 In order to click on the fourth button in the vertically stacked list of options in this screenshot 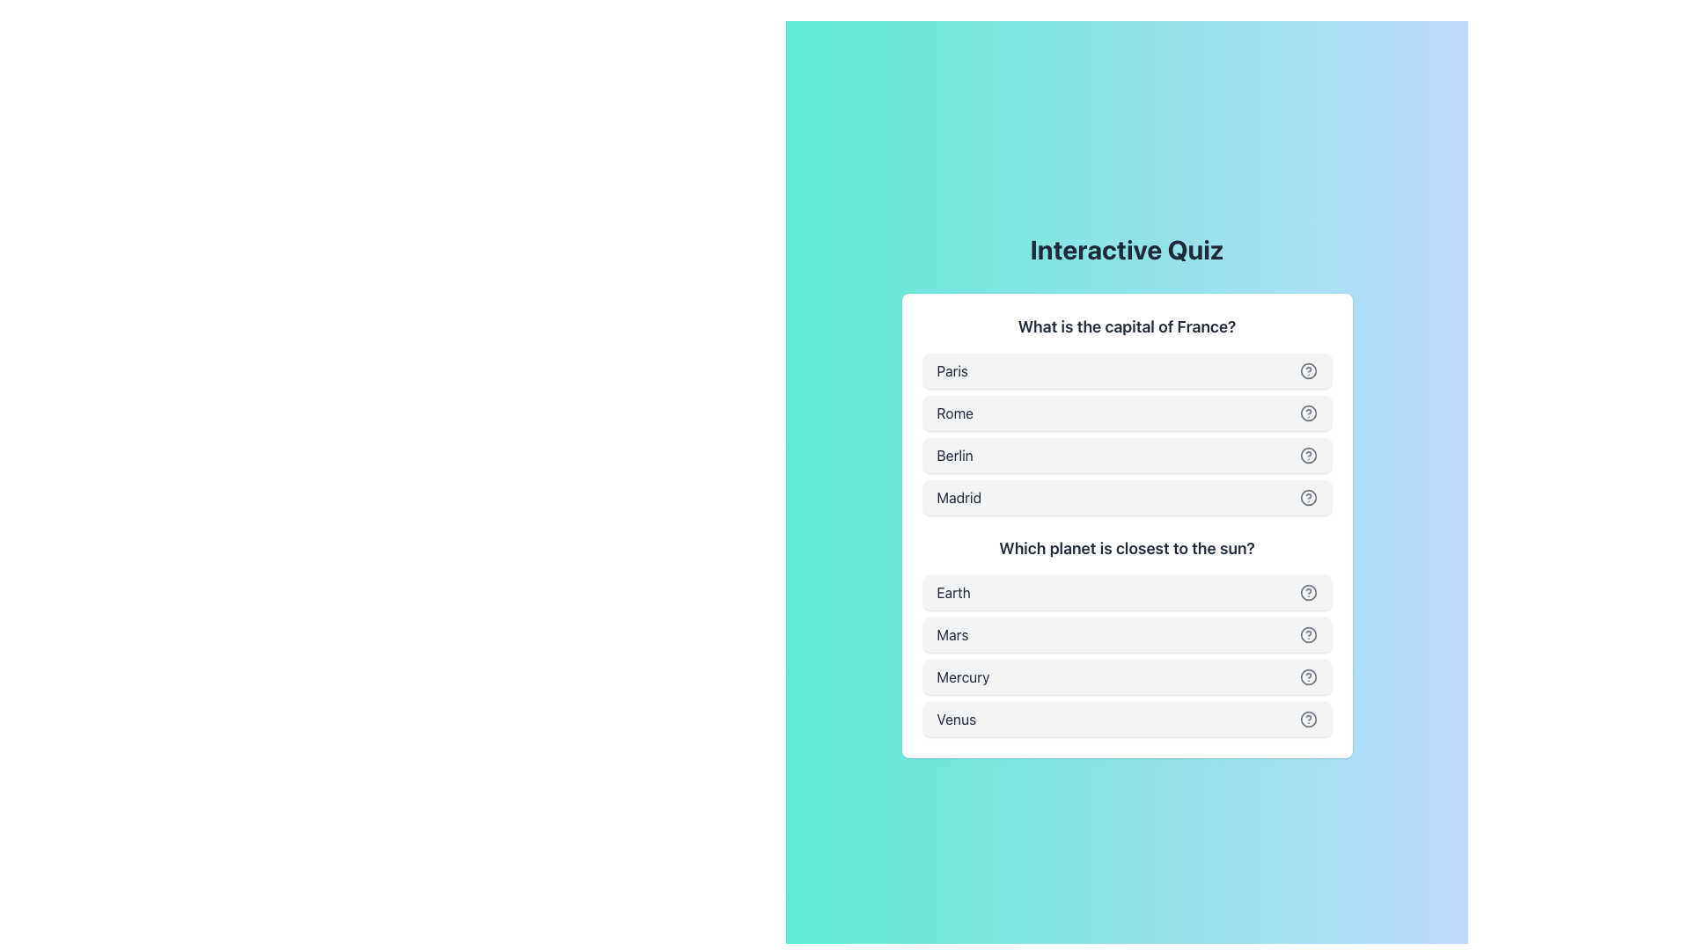, I will do `click(1127, 498)`.